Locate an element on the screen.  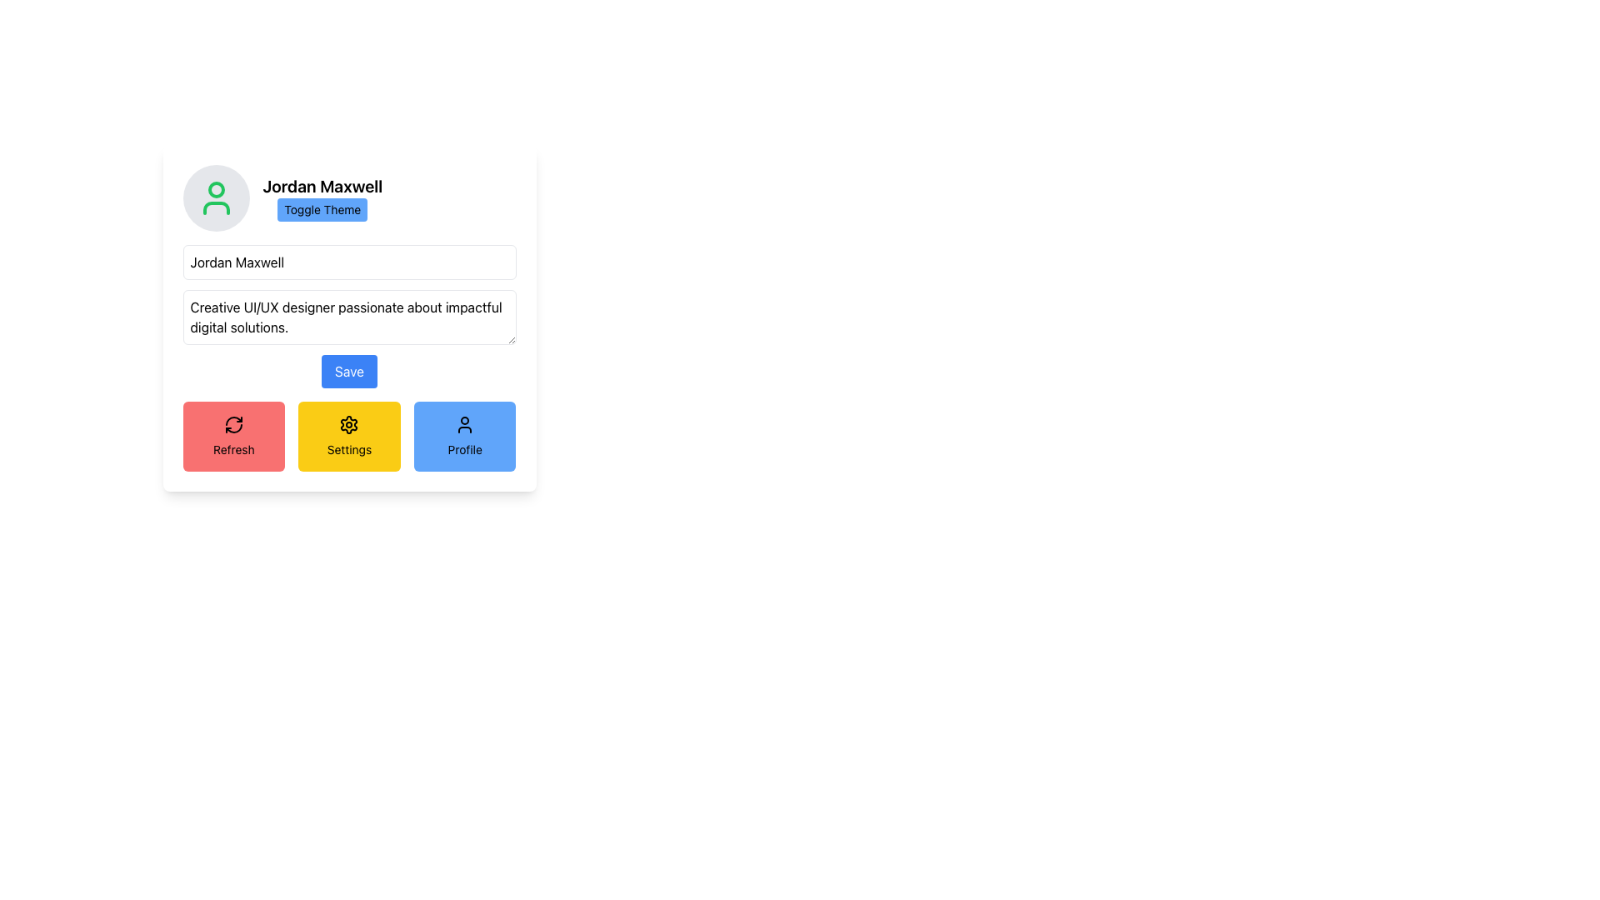
the 'Toggle Theme' button, which is a rectangular button with a bold, black font on a blue background is located at coordinates (348, 197).